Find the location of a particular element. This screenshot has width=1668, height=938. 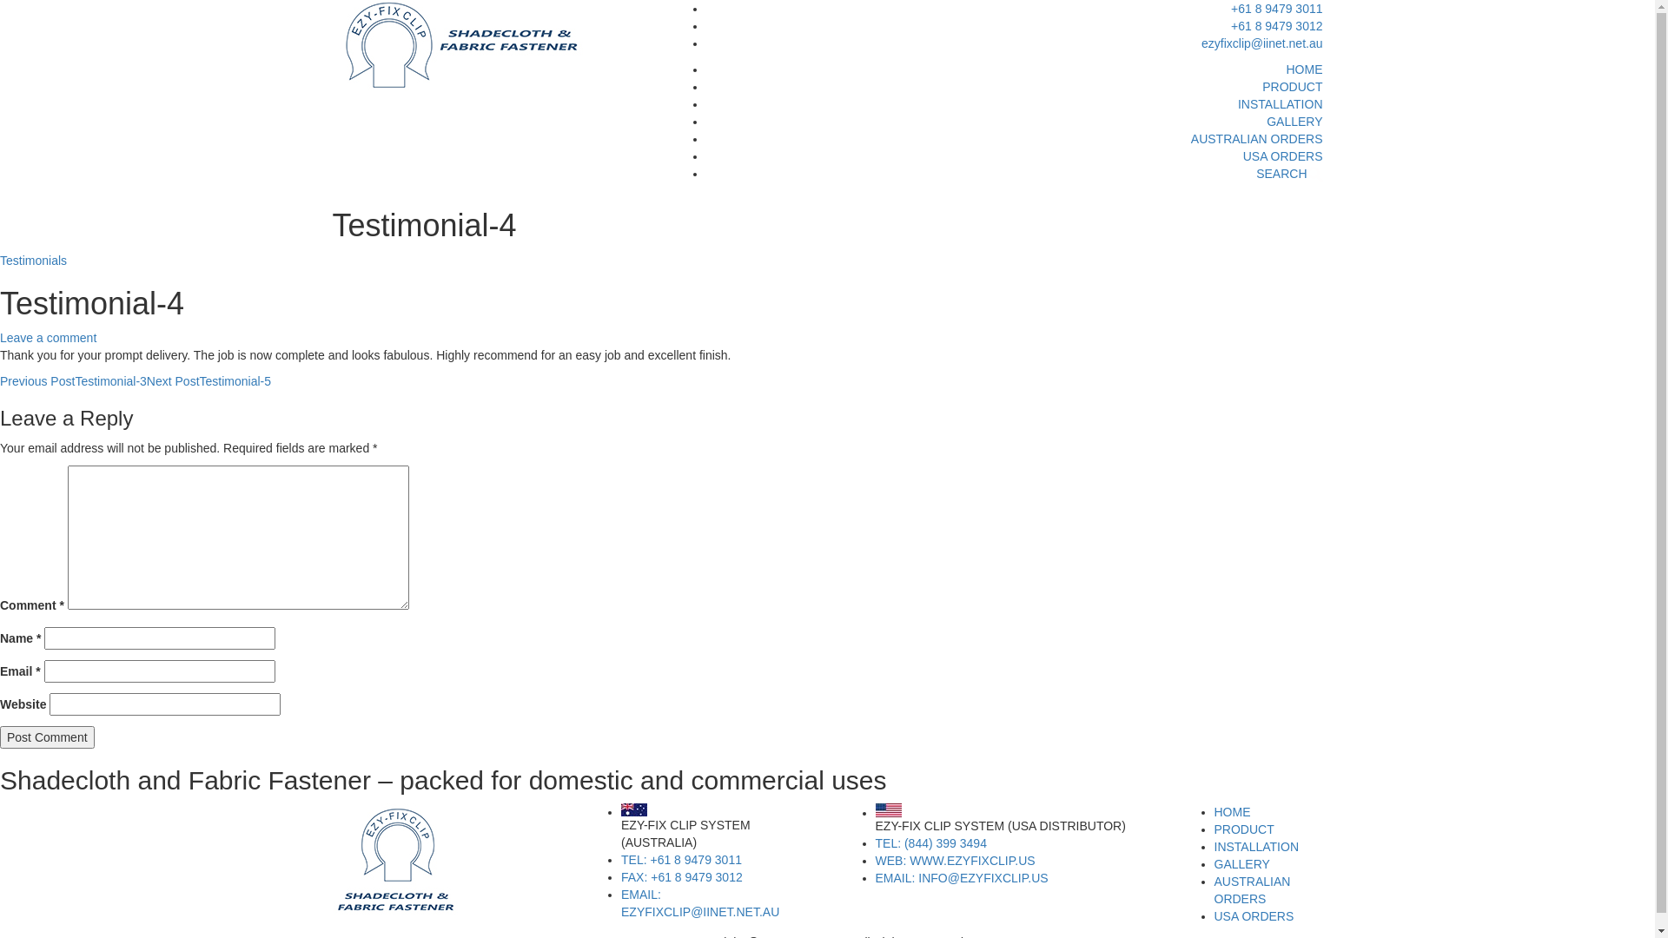

'AUSTRALIAN ORDERS' is located at coordinates (1190, 137).